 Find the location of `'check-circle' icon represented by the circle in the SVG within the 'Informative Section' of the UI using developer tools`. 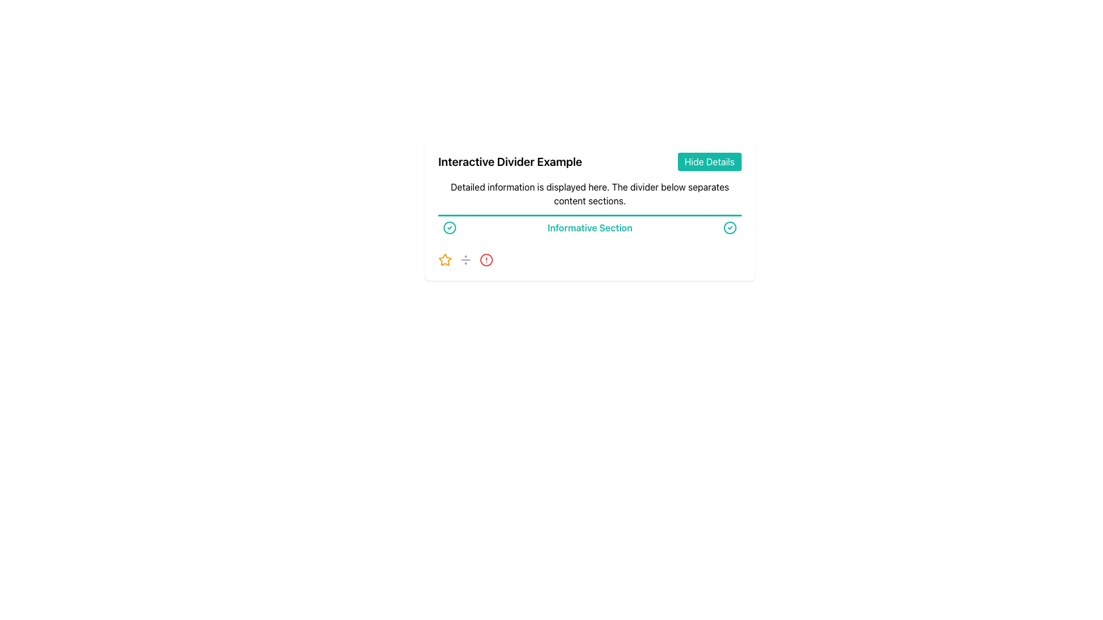

'check-circle' icon represented by the circle in the SVG within the 'Informative Section' of the UI using developer tools is located at coordinates (730, 228).